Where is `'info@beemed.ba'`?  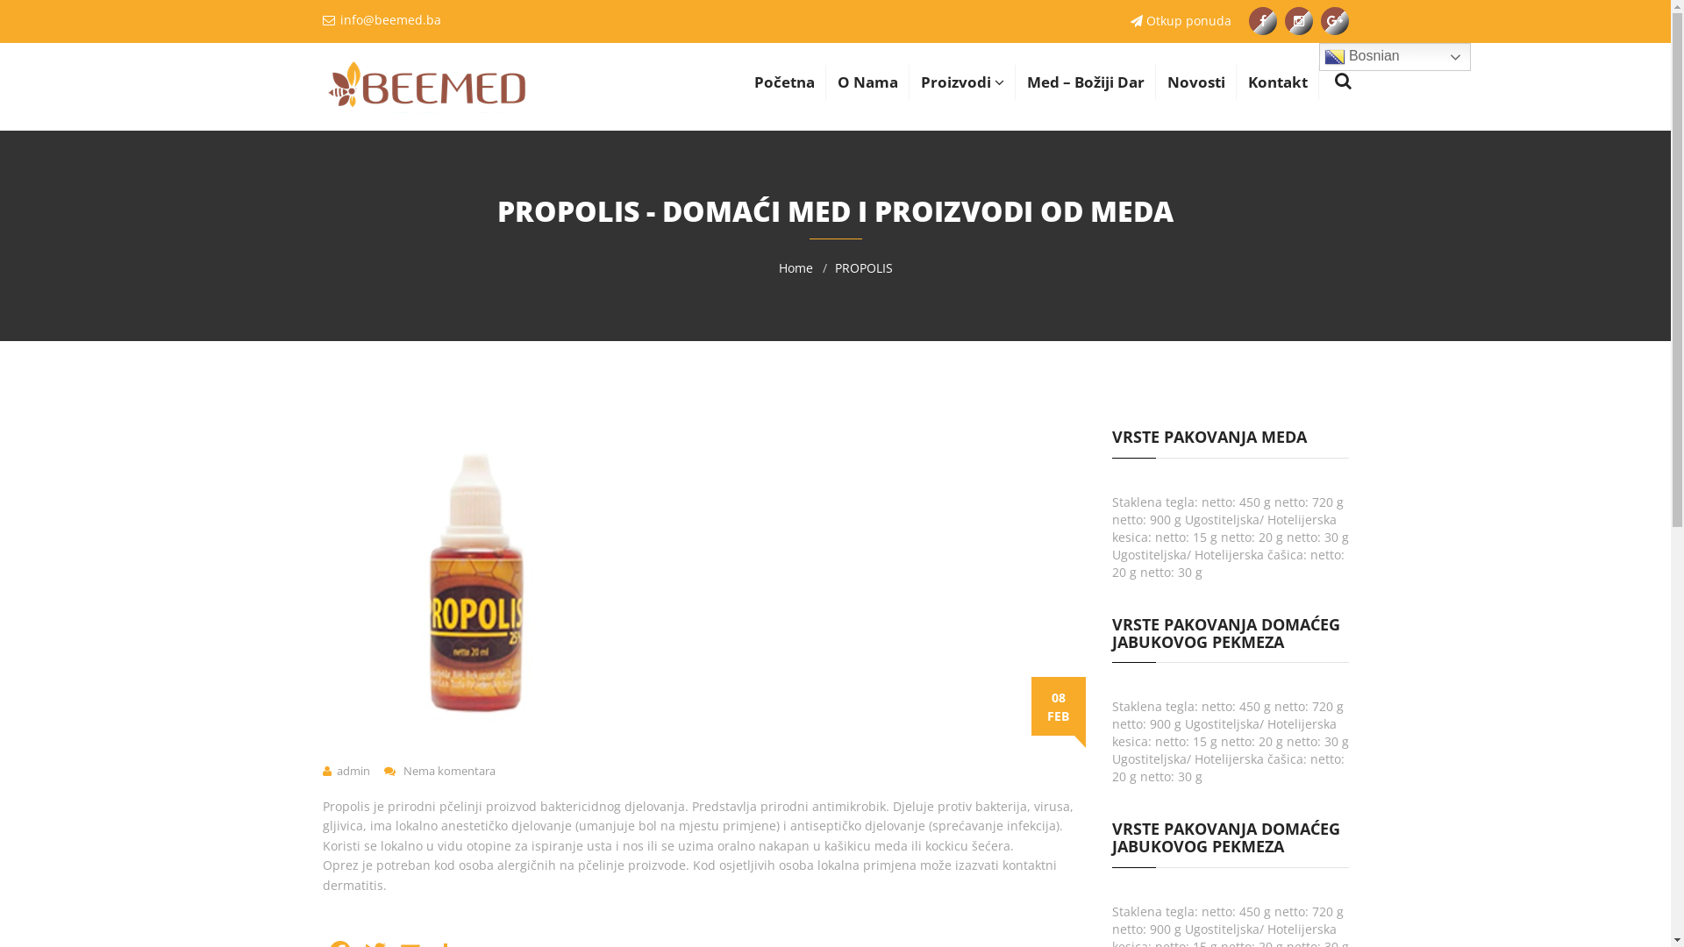
'info@beemed.ba' is located at coordinates (323, 20).